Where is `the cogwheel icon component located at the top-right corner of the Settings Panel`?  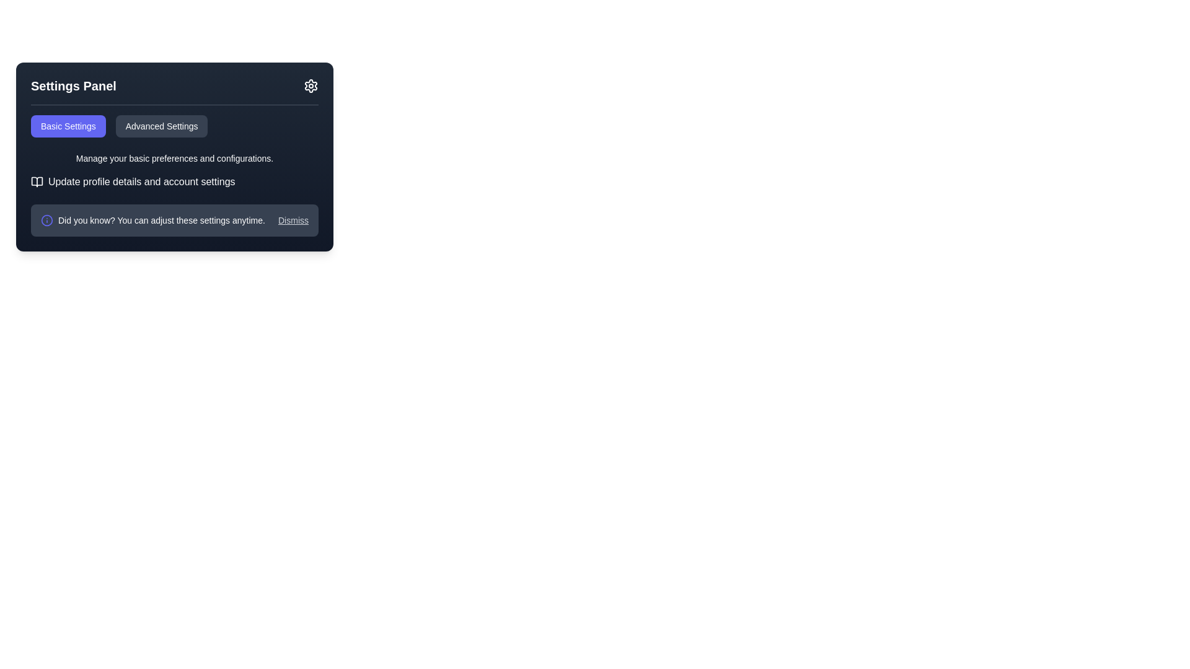
the cogwheel icon component located at the top-right corner of the Settings Panel is located at coordinates (311, 85).